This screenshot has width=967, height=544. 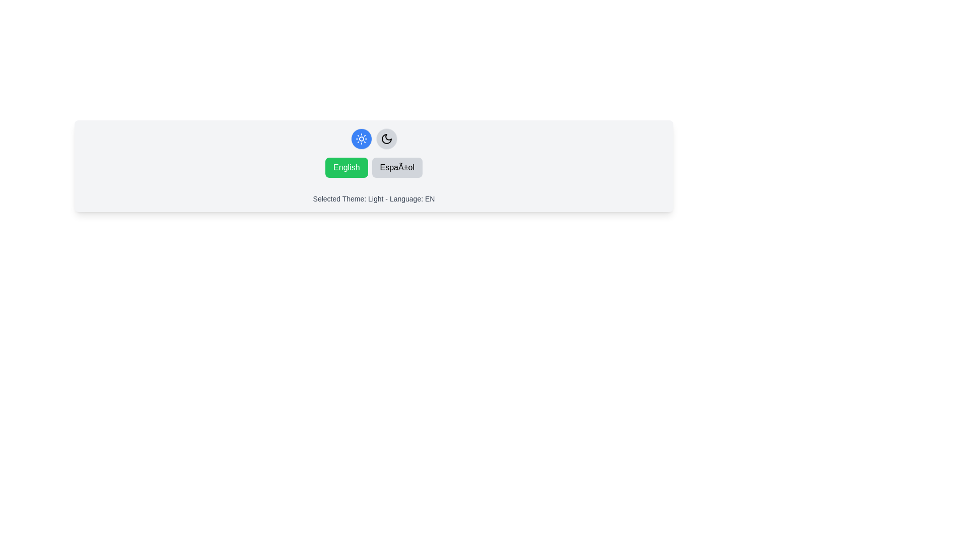 What do you see at coordinates (373, 139) in the screenshot?
I see `the sun icon on the theme selection toggle switch` at bounding box center [373, 139].